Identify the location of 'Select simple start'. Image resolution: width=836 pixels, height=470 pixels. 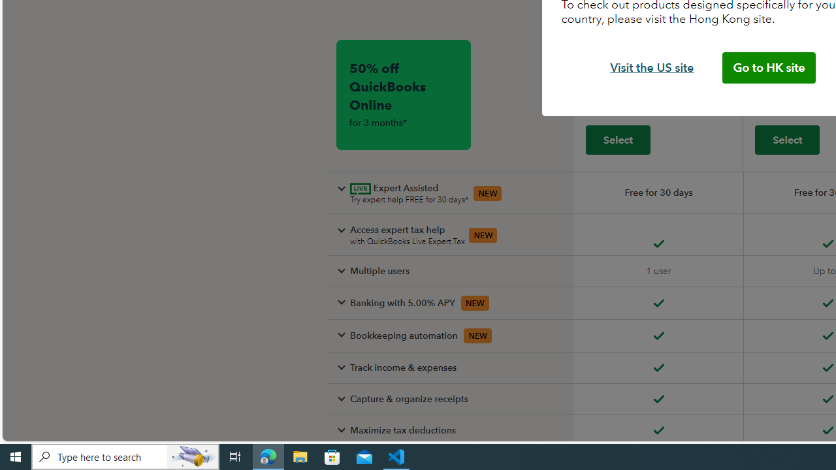
(617, 139).